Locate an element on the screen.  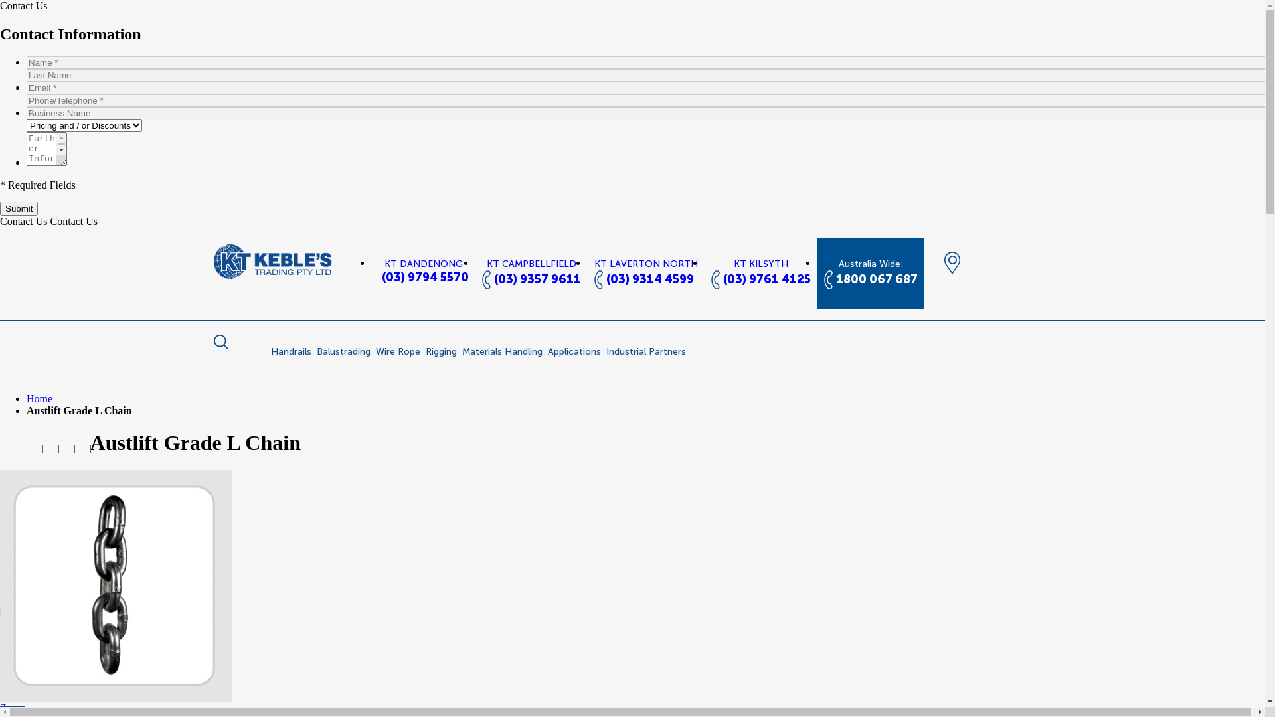
'Wire Rope' is located at coordinates (397, 351).